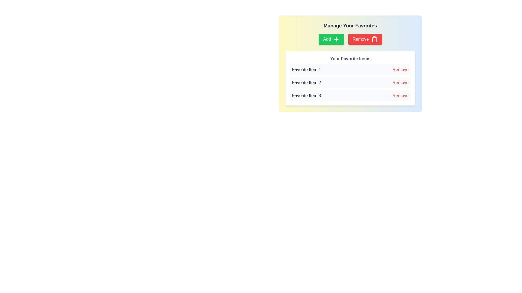 The image size is (522, 293). What do you see at coordinates (306, 82) in the screenshot?
I see `the text label displaying 'Favorite Item 2' which is positioned in the second row of the 'Your Favorite Items' list` at bounding box center [306, 82].